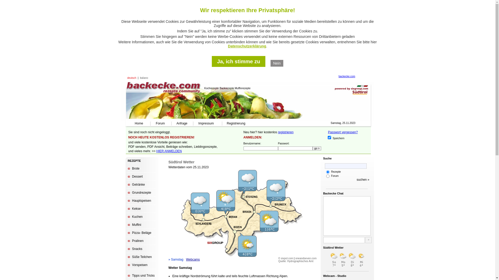 The image size is (499, 280). What do you see at coordinates (137, 249) in the screenshot?
I see `'Snacks'` at bounding box center [137, 249].